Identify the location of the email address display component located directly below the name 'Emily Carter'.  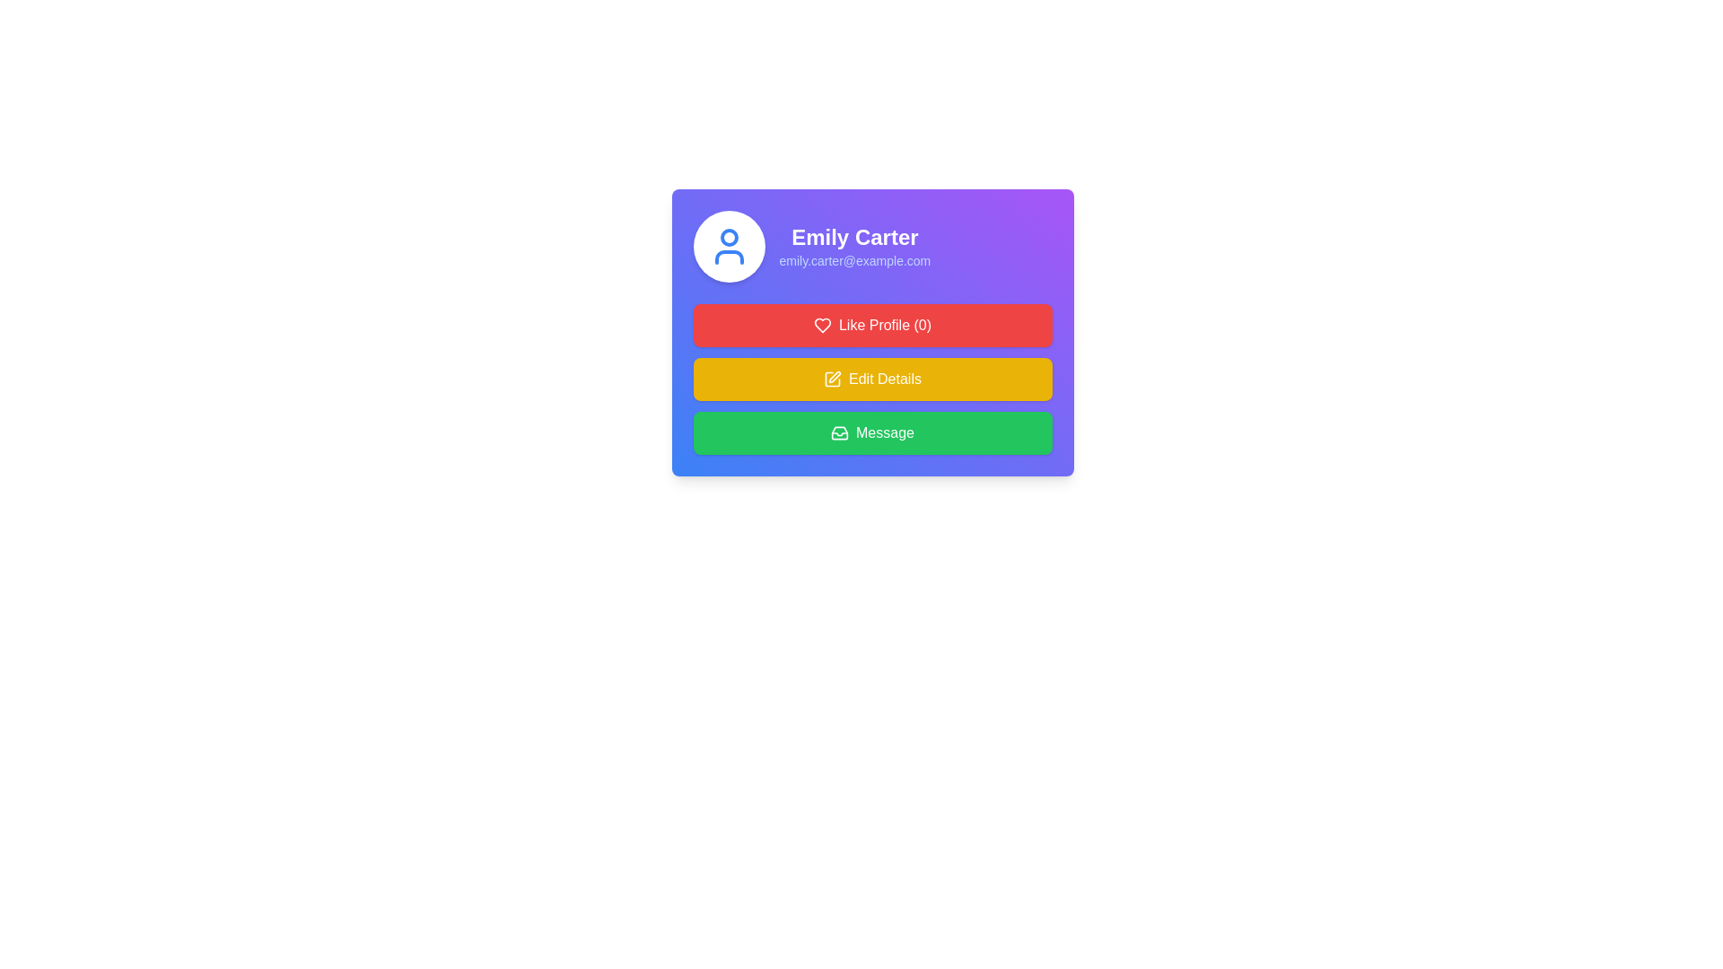
(853, 260).